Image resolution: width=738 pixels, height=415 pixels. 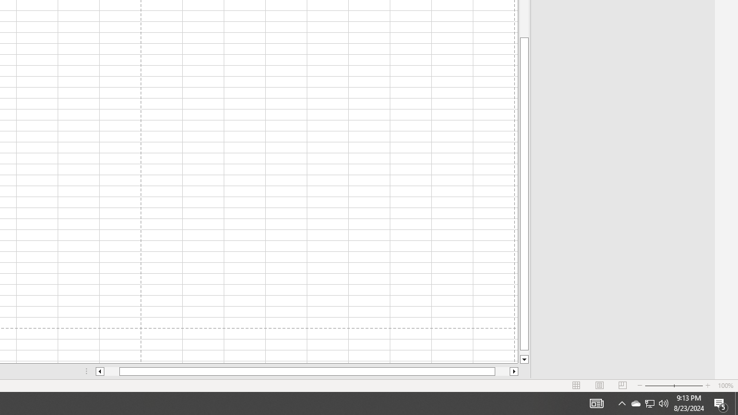 What do you see at coordinates (524, 352) in the screenshot?
I see `'Page down'` at bounding box center [524, 352].